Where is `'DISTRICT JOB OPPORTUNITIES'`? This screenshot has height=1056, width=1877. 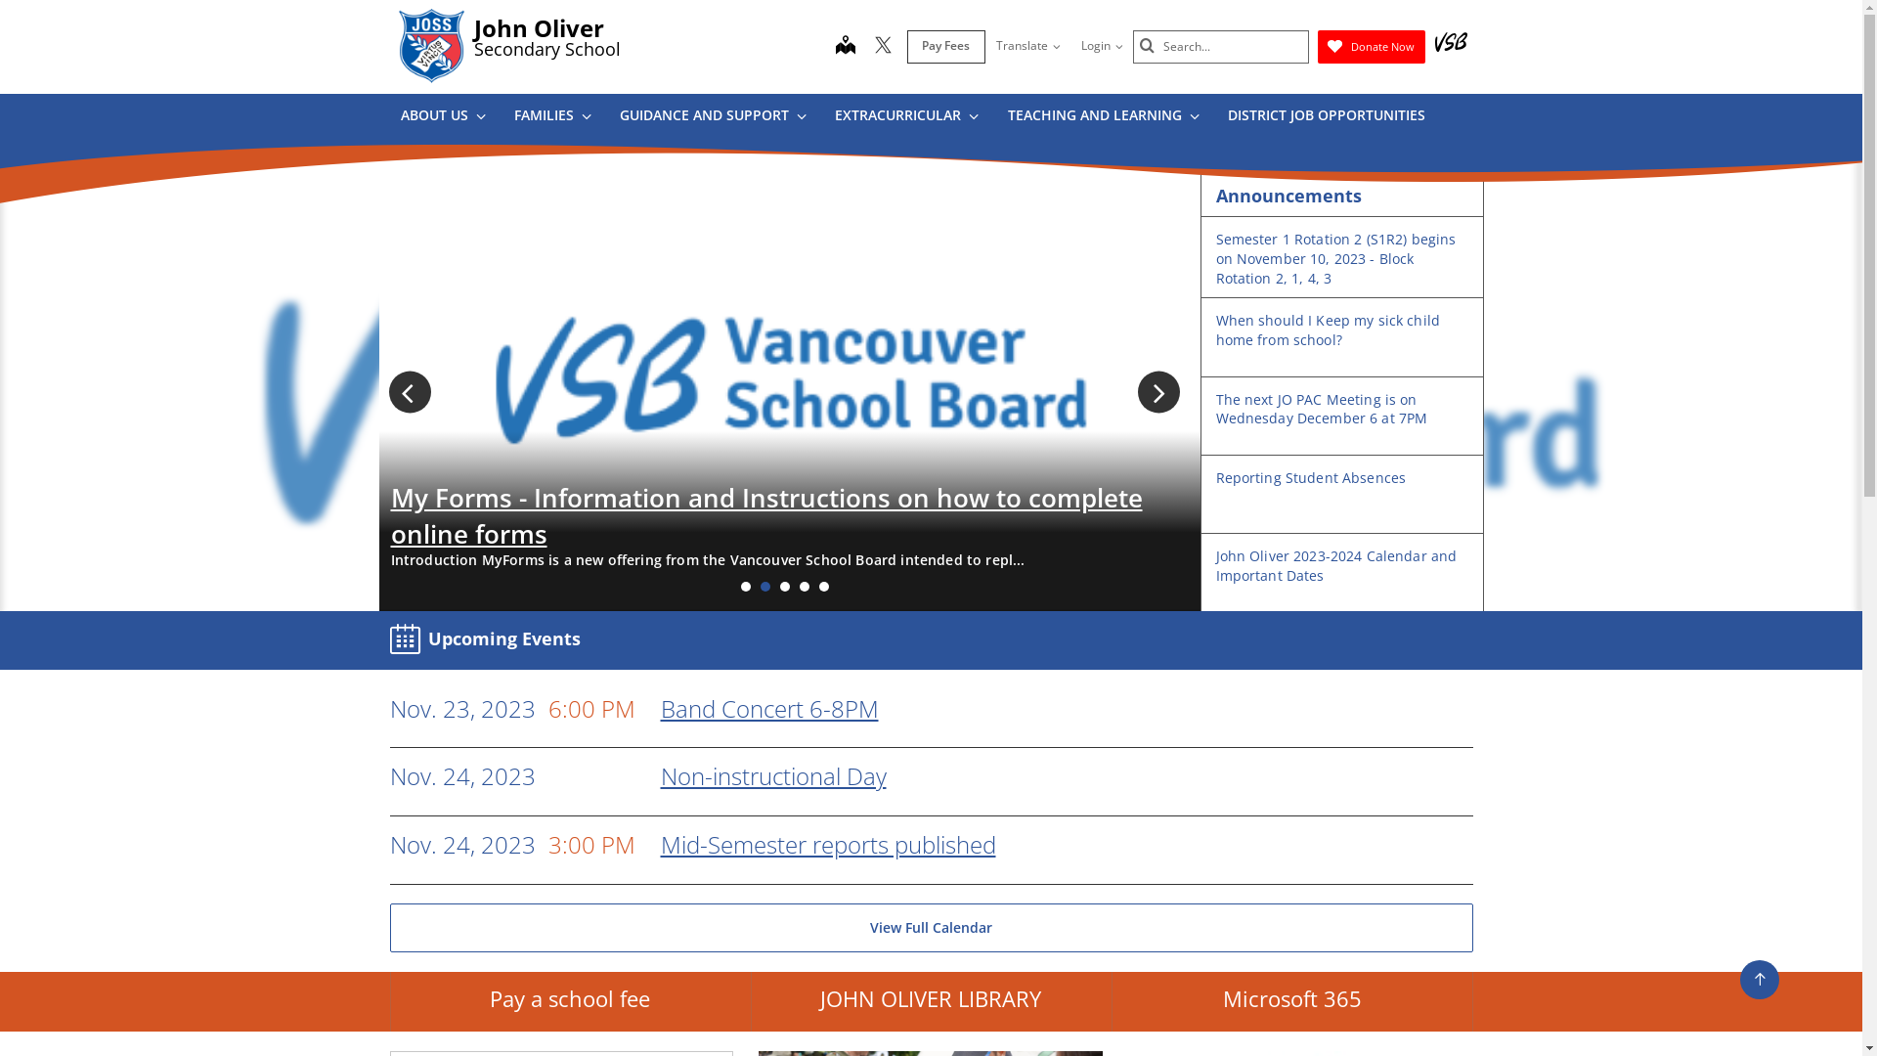
'DISTRICT JOB OPPORTUNITIES' is located at coordinates (1219, 118).